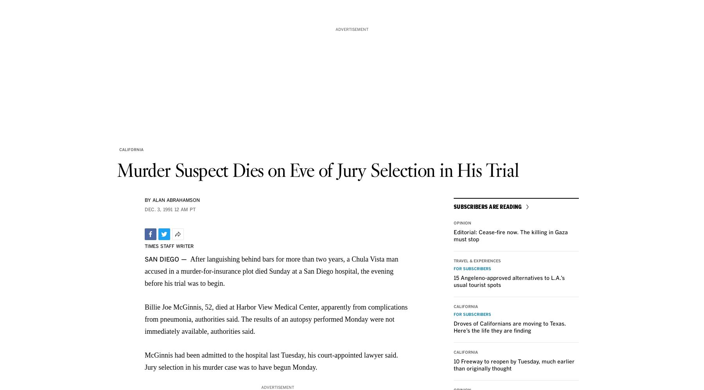 This screenshot has height=390, width=704. Describe the element at coordinates (184, 209) in the screenshot. I see `'12 AM PT'` at that location.